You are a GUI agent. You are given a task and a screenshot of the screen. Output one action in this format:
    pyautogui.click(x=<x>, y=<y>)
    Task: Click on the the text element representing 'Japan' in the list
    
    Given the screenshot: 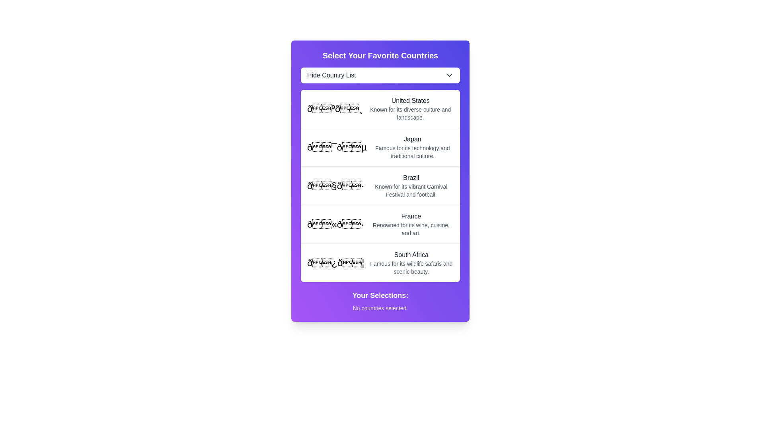 What is the action you would take?
    pyautogui.click(x=412, y=147)
    